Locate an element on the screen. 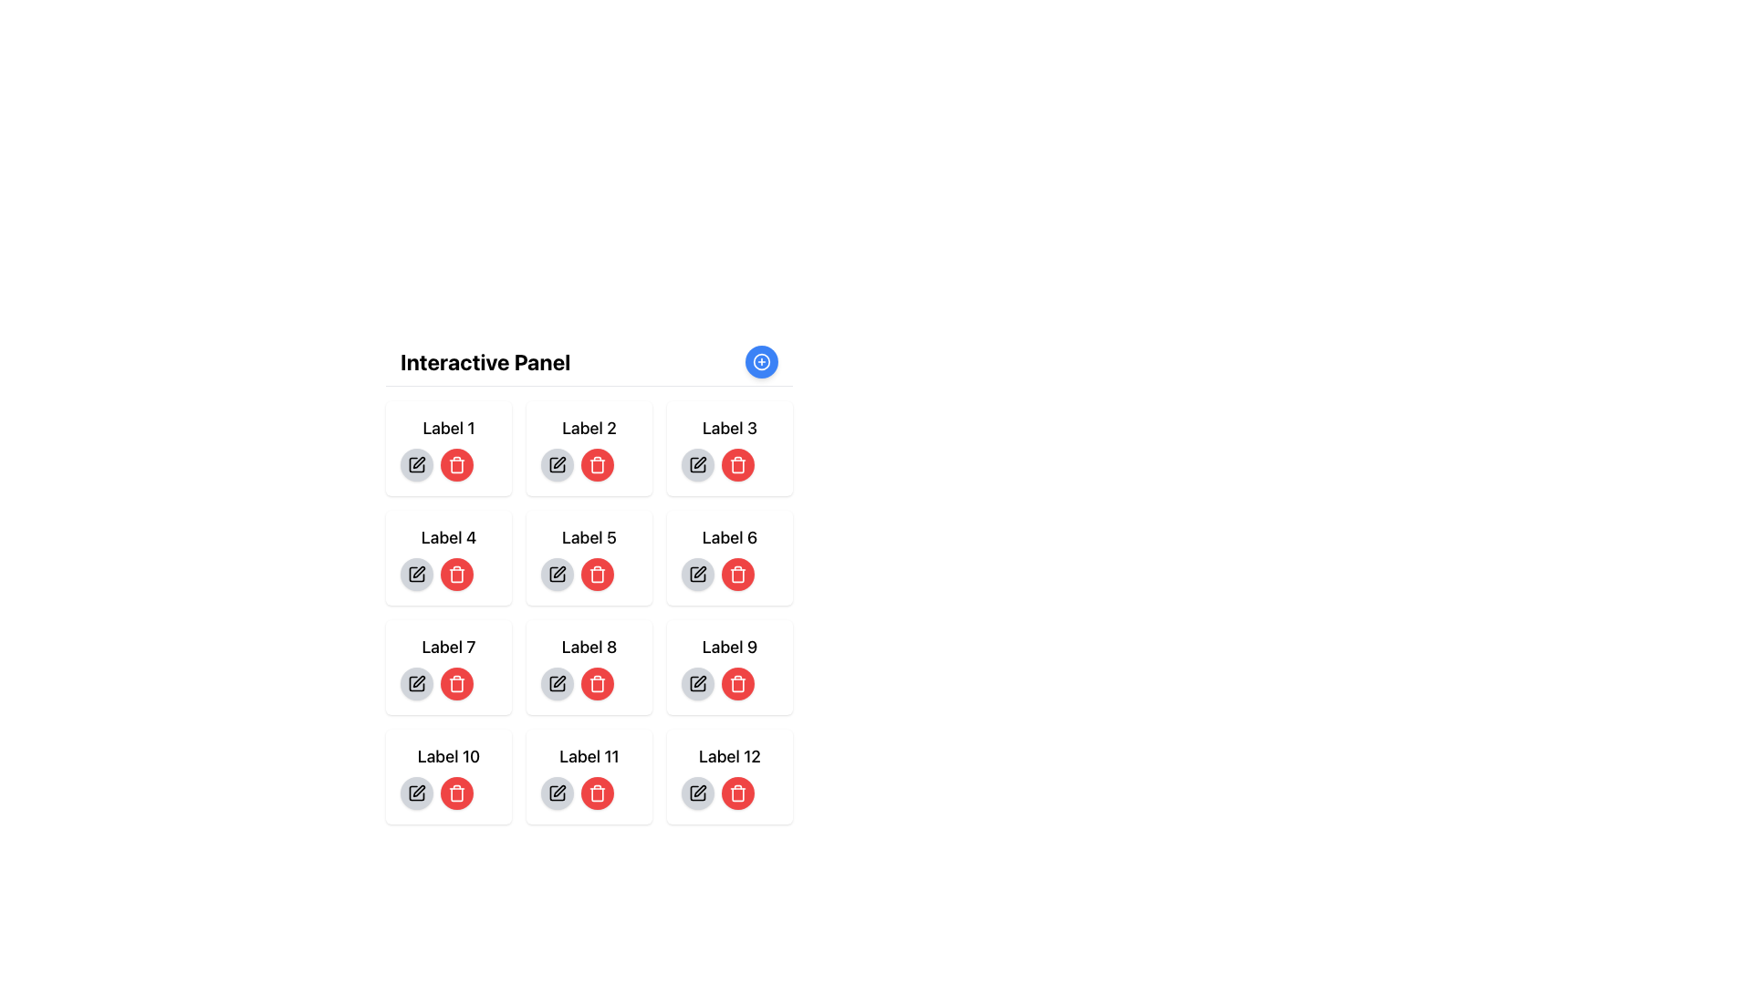  the leftmost icon in the grid group labeled 'Label 6' is located at coordinates (696, 573).